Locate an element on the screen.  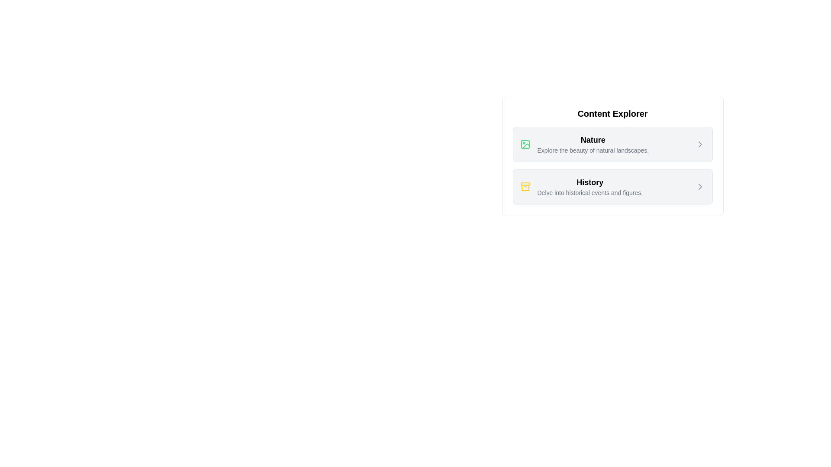
the decorative icon associated with the 'Nature' button in the list of options is located at coordinates (525, 146).